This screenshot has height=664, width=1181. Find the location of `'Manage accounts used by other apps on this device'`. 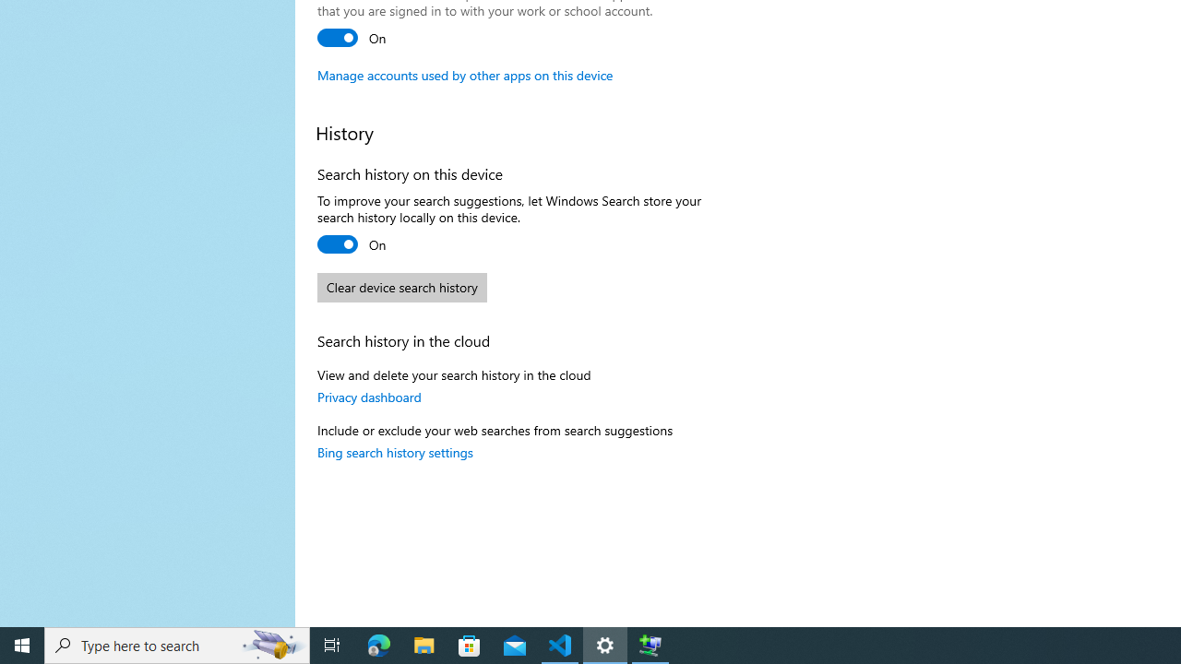

'Manage accounts used by other apps on this device' is located at coordinates (465, 74).